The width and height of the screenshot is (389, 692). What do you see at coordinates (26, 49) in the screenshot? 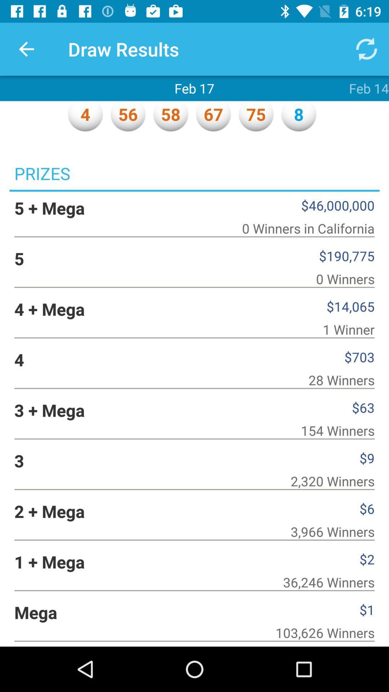
I see `the icon next to the draw results icon` at bounding box center [26, 49].